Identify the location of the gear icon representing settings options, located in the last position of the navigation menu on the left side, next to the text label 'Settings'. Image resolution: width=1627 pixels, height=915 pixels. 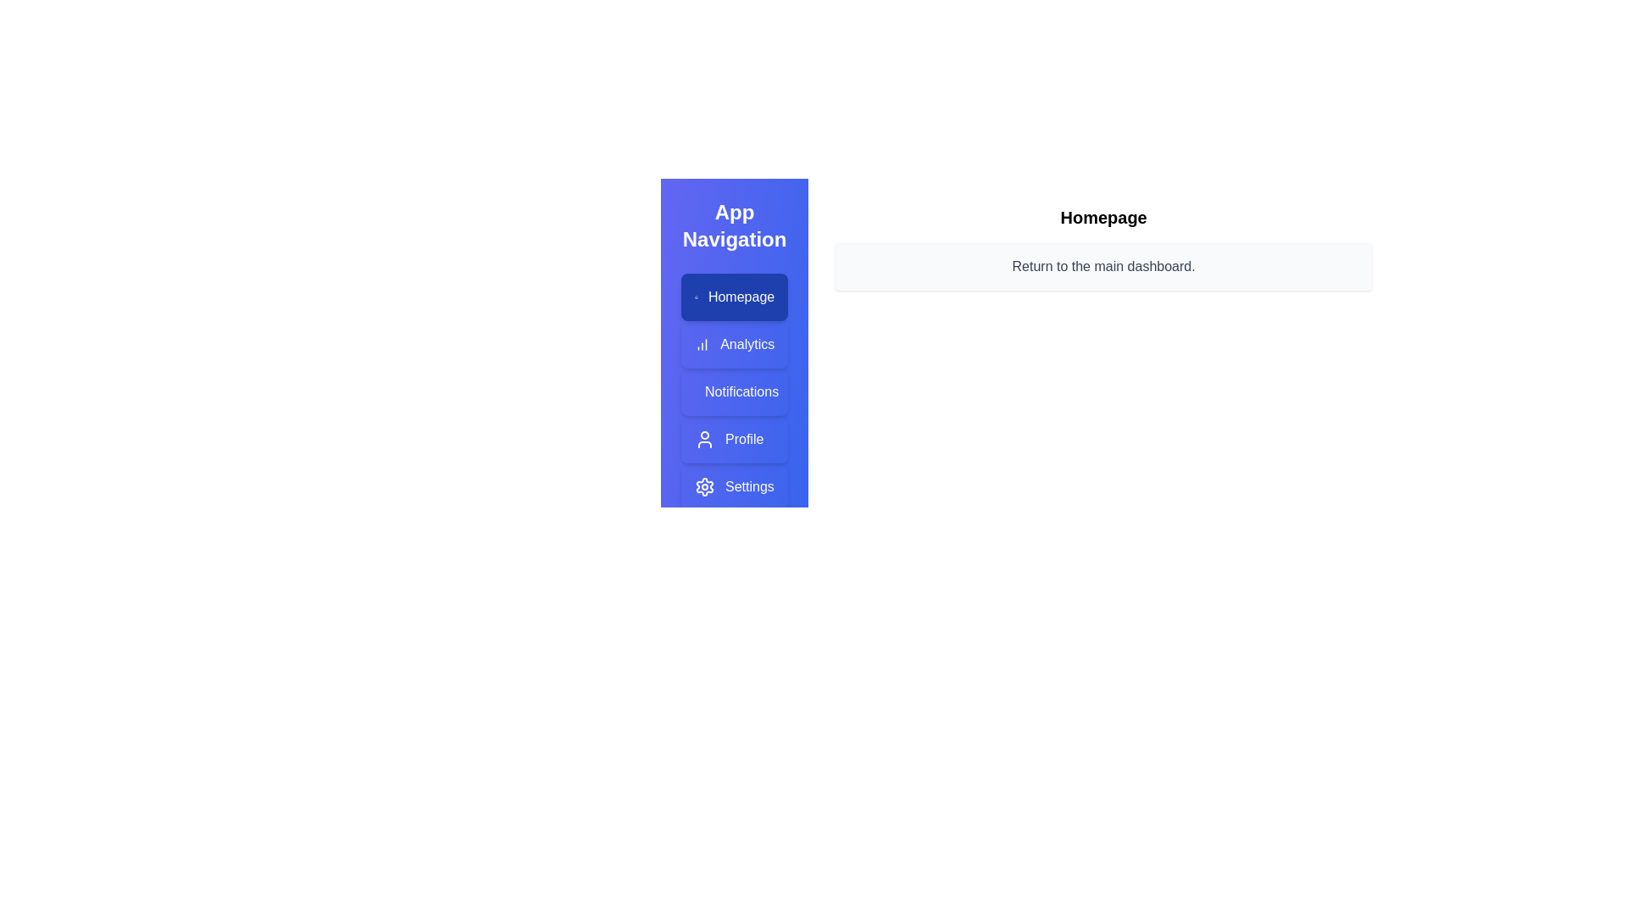
(704, 486).